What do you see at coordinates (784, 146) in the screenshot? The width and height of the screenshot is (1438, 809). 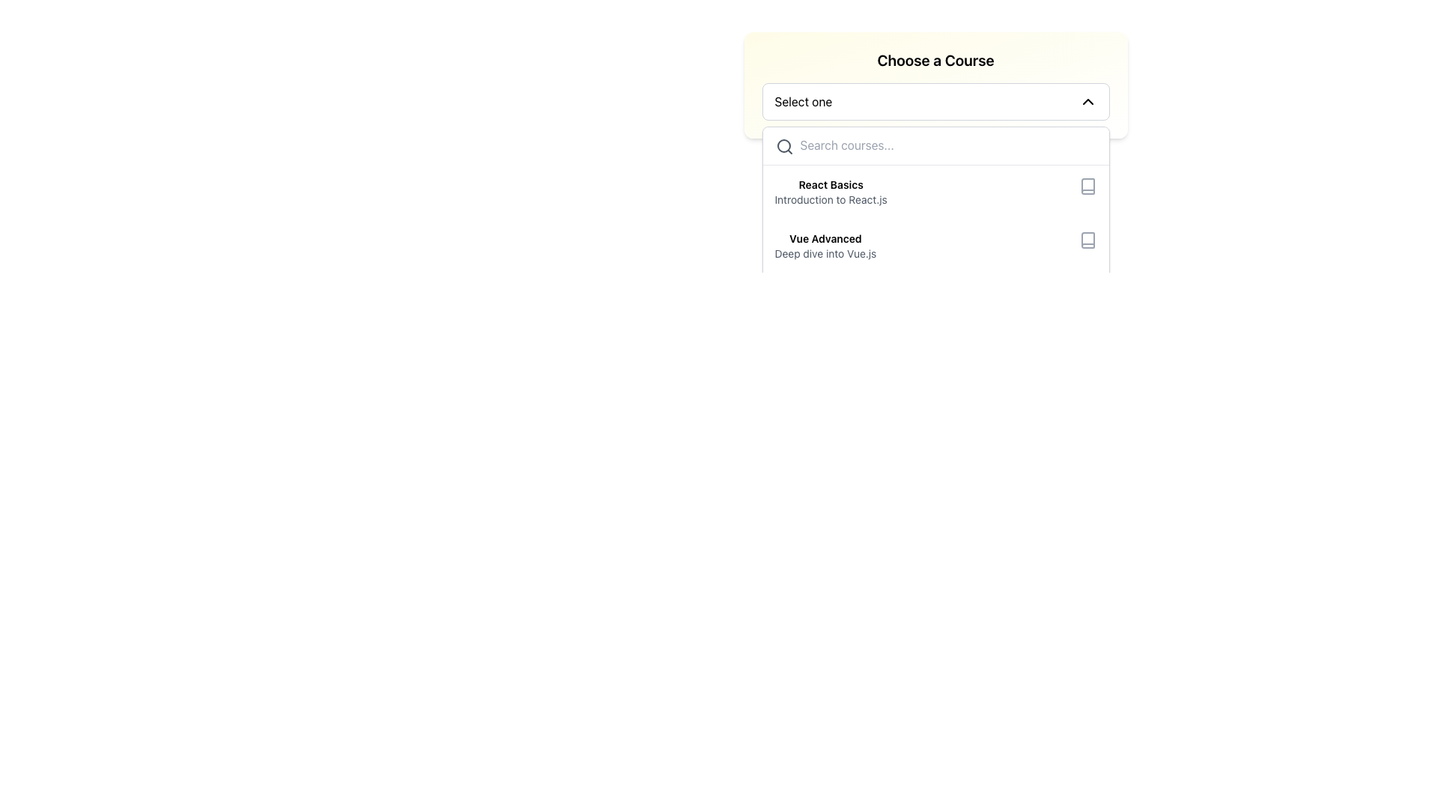 I see `the magnifying glass icon, which has a circular outline and a handle, positioned to the left of the search input field with the placeholder 'Search courses...'` at bounding box center [784, 146].